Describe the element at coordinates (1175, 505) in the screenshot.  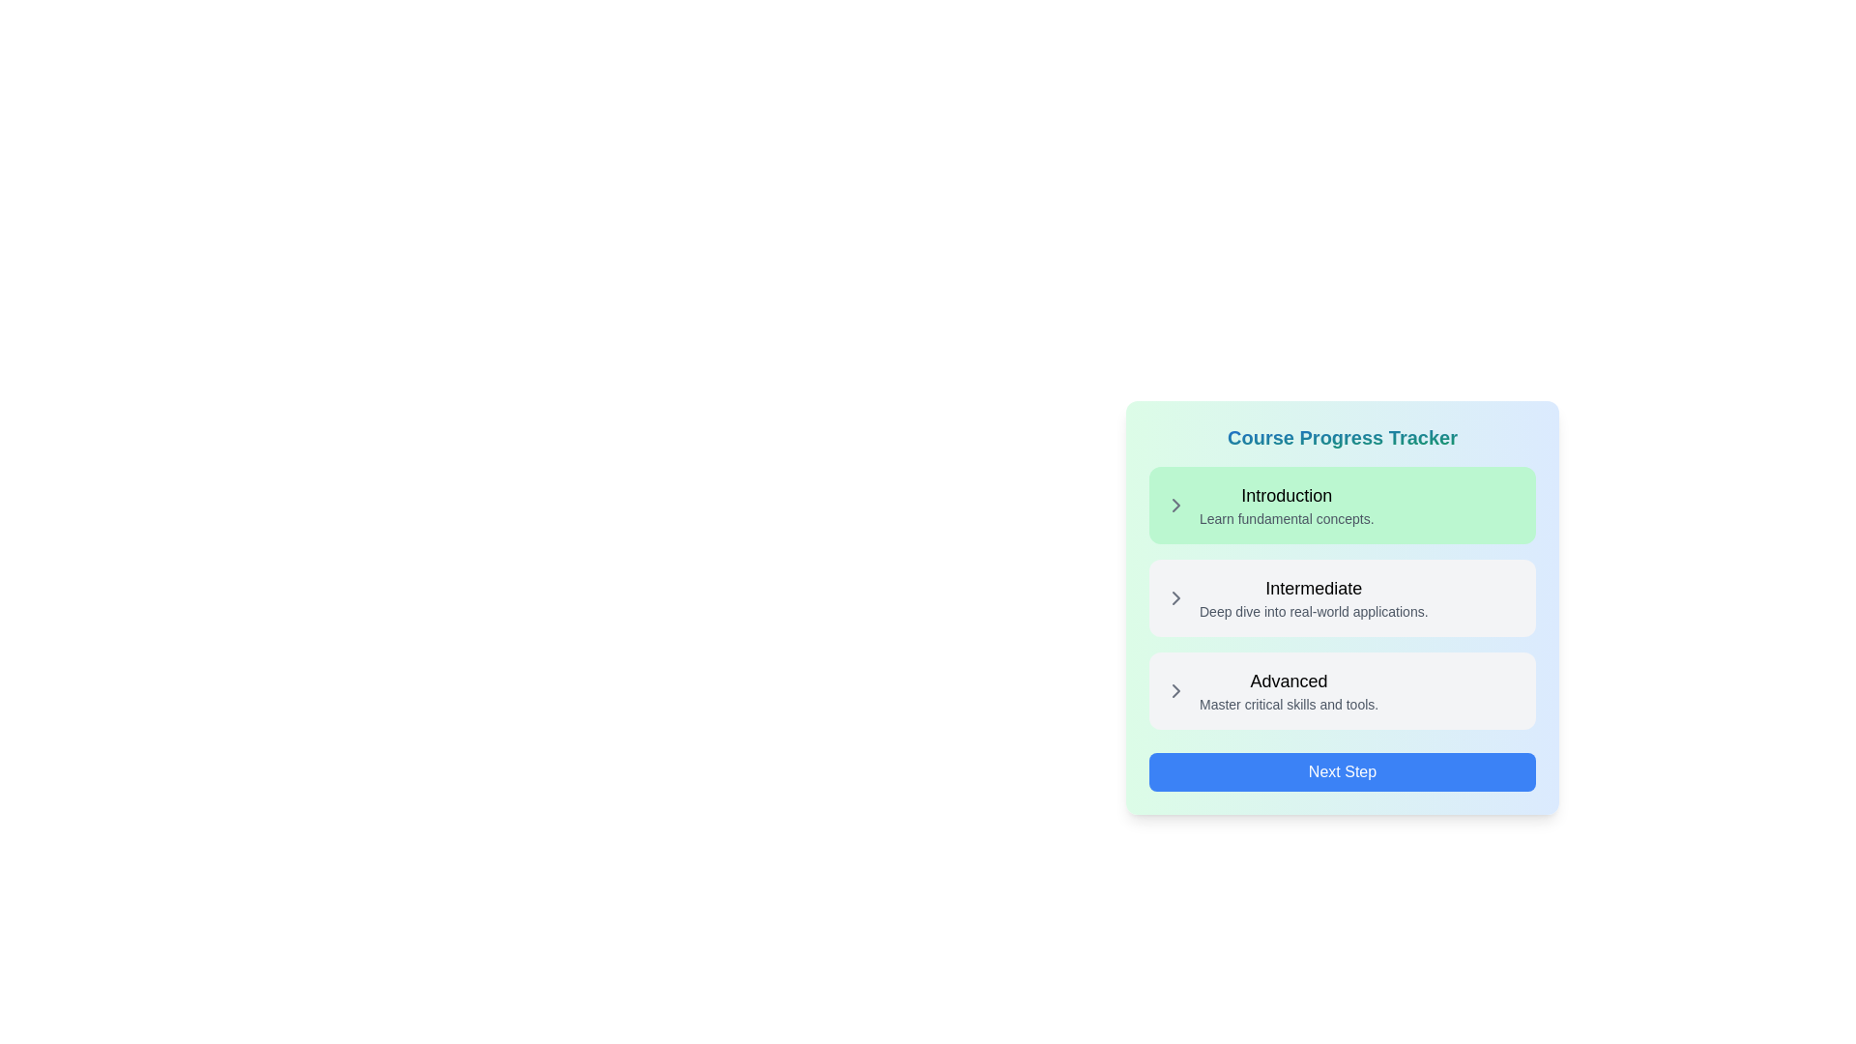
I see `the chevron icon to the left of the 'Introduction' list item in the Course Progress Tracker interface` at that location.